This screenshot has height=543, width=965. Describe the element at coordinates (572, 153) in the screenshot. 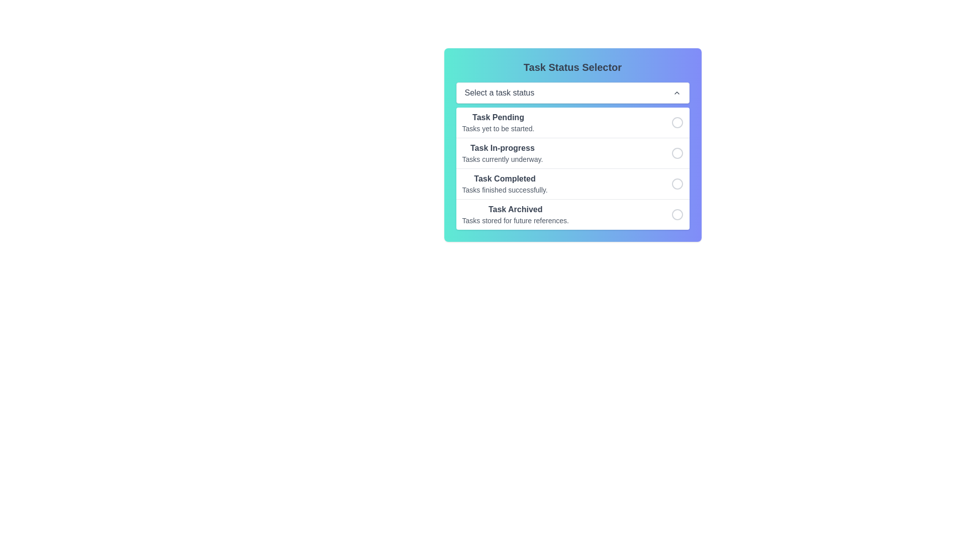

I see `the second selectable task status option in the vertical list of task statuses` at that location.